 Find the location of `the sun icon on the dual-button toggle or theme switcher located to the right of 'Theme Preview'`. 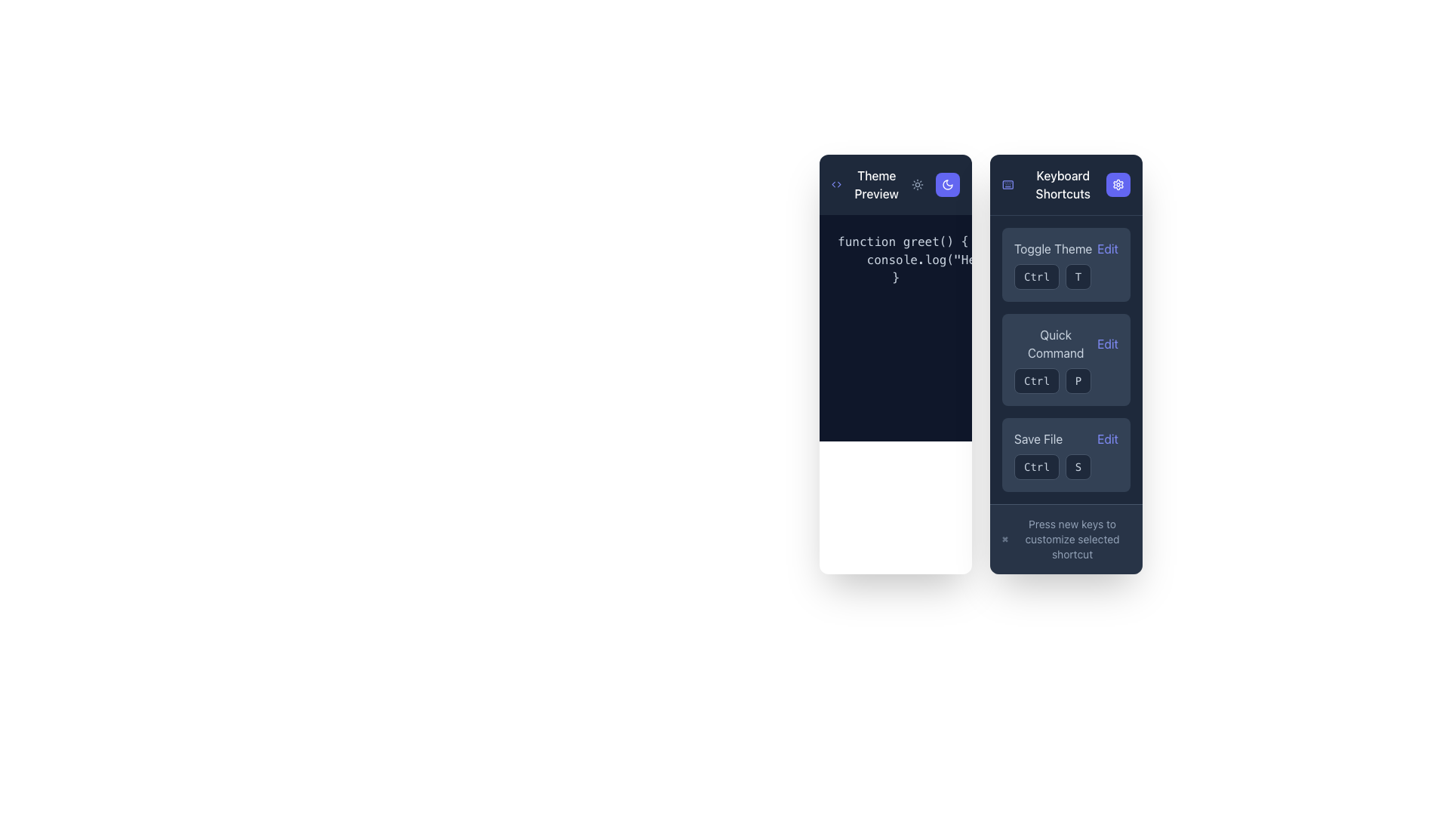

the sun icon on the dual-button toggle or theme switcher located to the right of 'Theme Preview' is located at coordinates (932, 184).